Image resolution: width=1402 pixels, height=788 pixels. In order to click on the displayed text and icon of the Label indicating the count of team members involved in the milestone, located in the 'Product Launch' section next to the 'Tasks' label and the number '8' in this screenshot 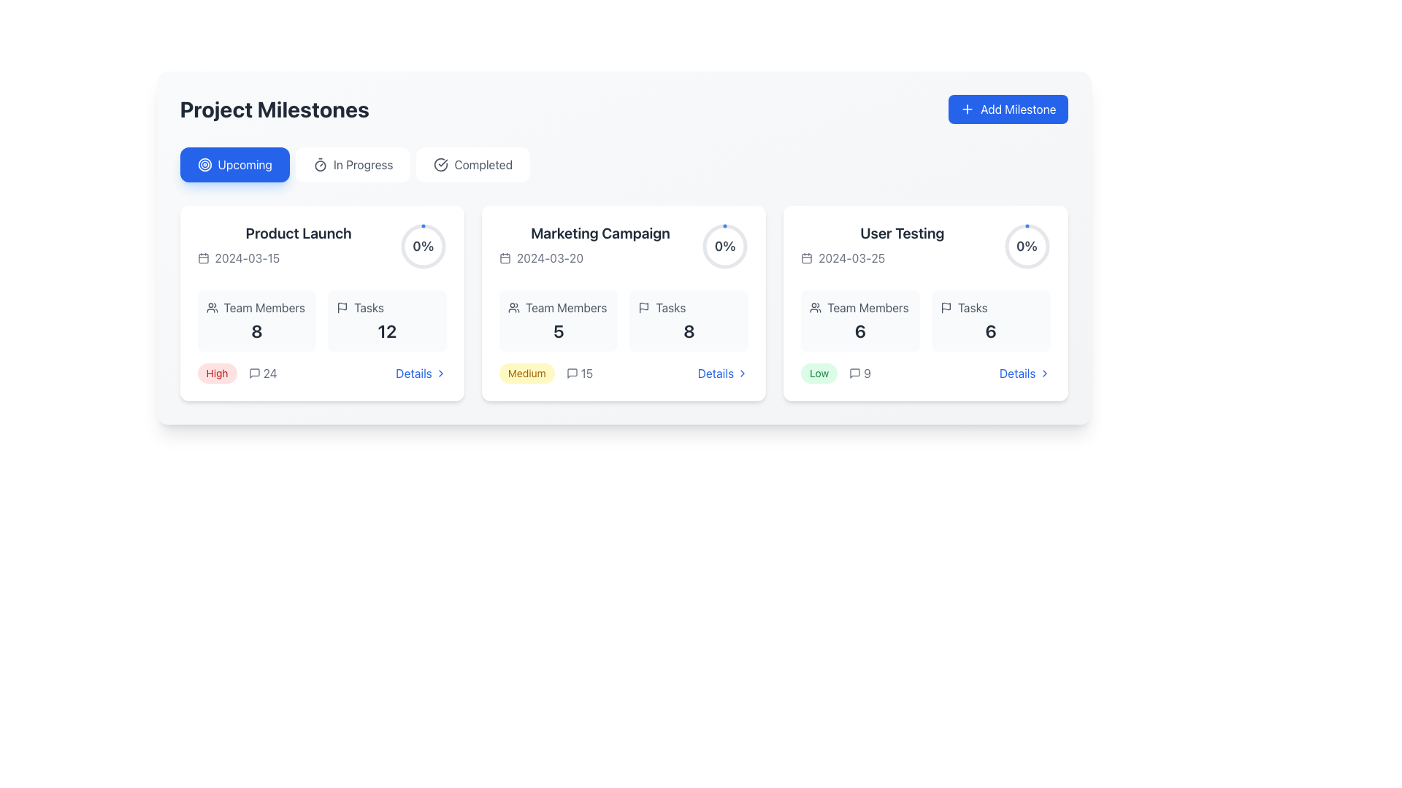, I will do `click(256, 306)`.